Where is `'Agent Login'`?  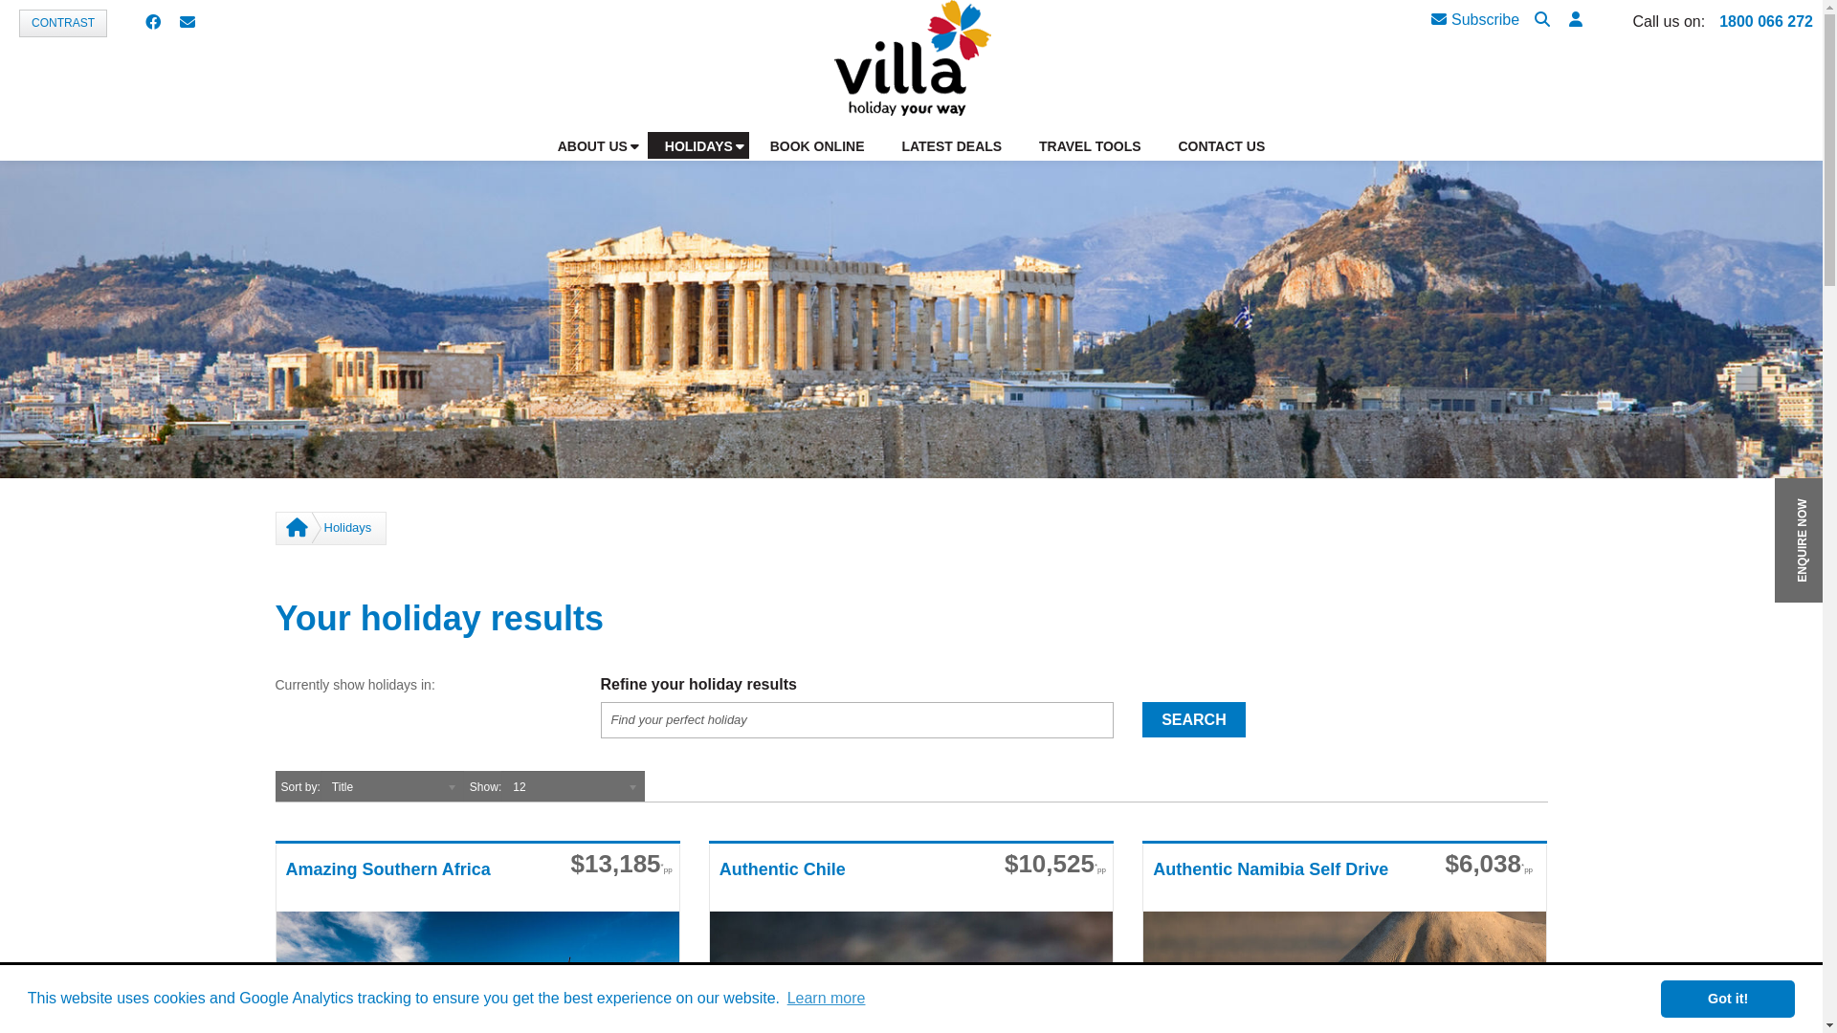
'Agent Login' is located at coordinates (1575, 20).